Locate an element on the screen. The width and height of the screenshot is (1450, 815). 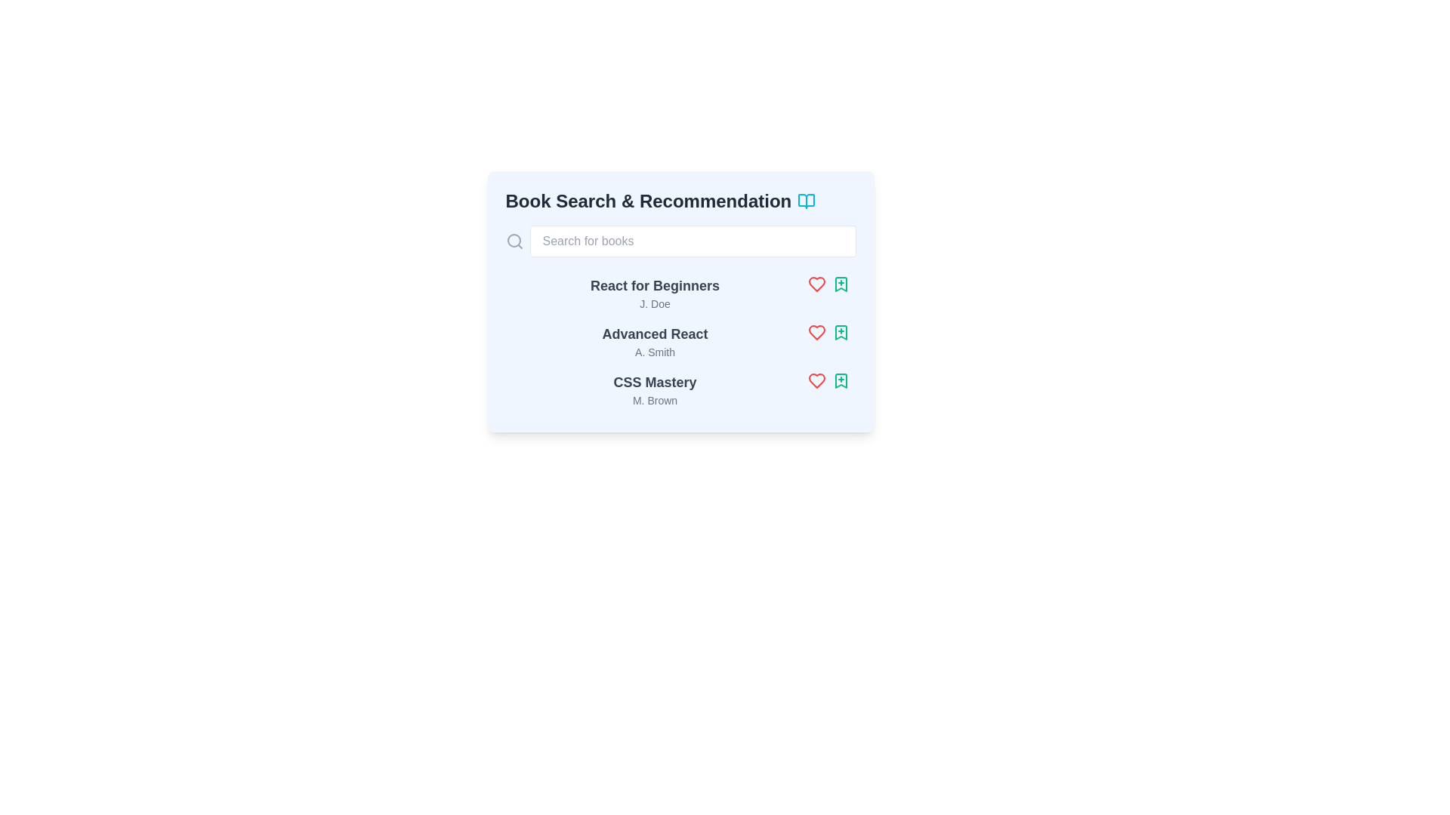
the second interactive icon (green bookmark) in the vertical list next to the 'React for Beginners' book entry is located at coordinates (840, 284).